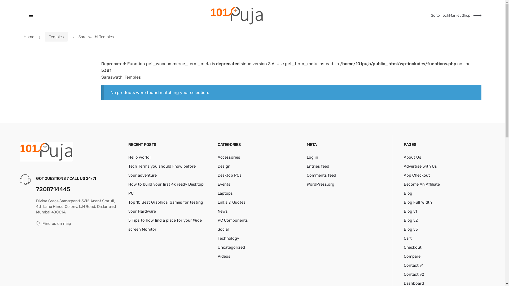 The image size is (509, 286). Describe the element at coordinates (228, 238) in the screenshot. I see `'Technology'` at that location.